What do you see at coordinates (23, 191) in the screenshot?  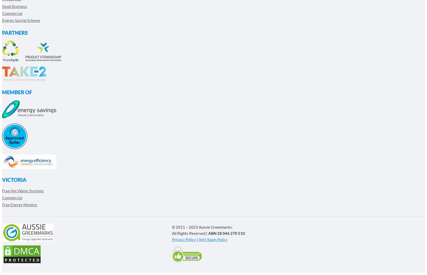 I see `'Free Hot Water Systems'` at bounding box center [23, 191].